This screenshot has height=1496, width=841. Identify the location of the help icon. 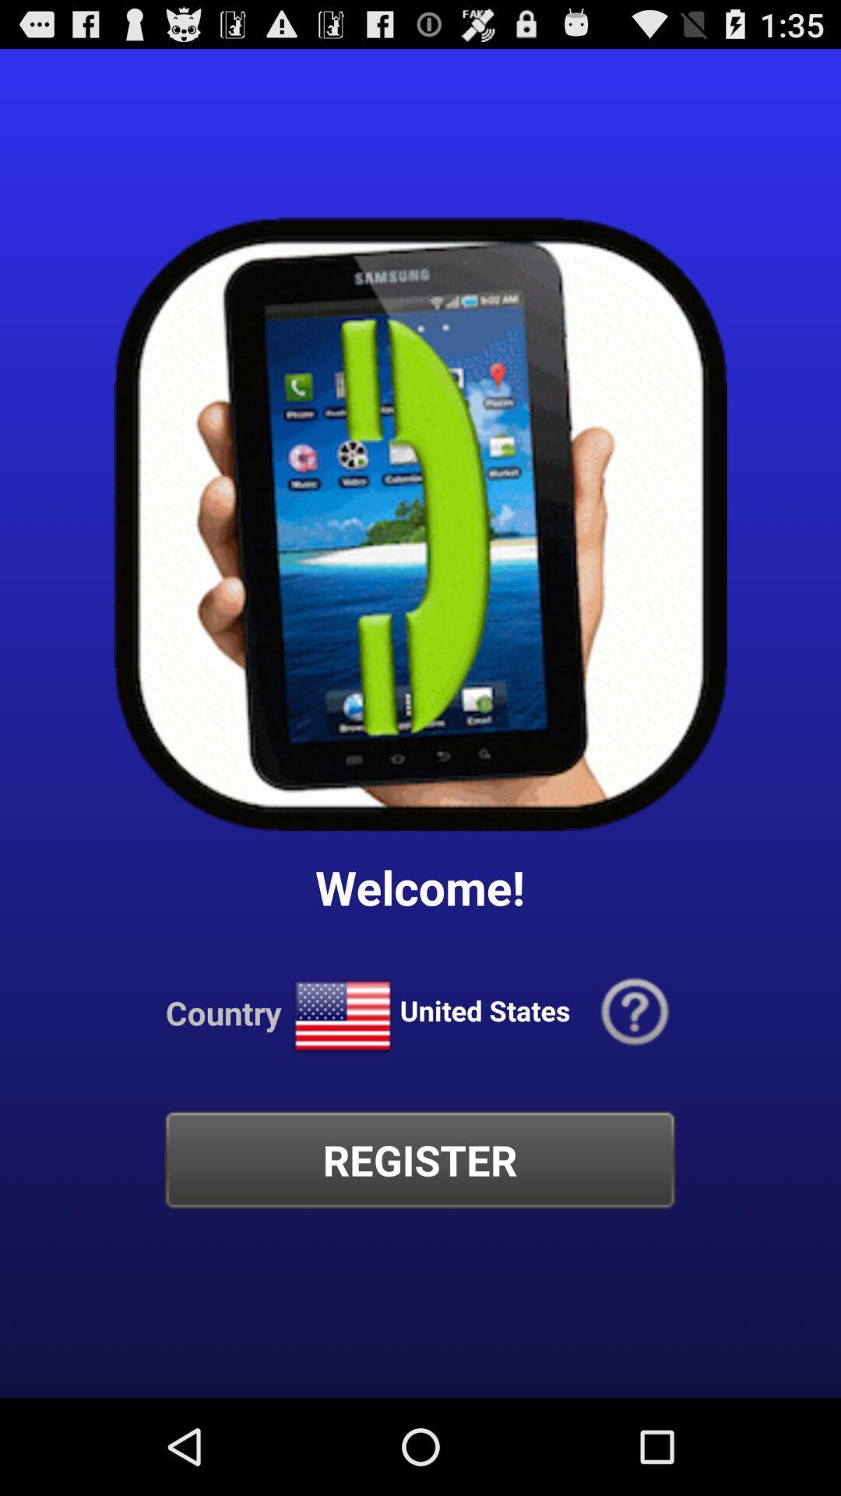
(635, 1083).